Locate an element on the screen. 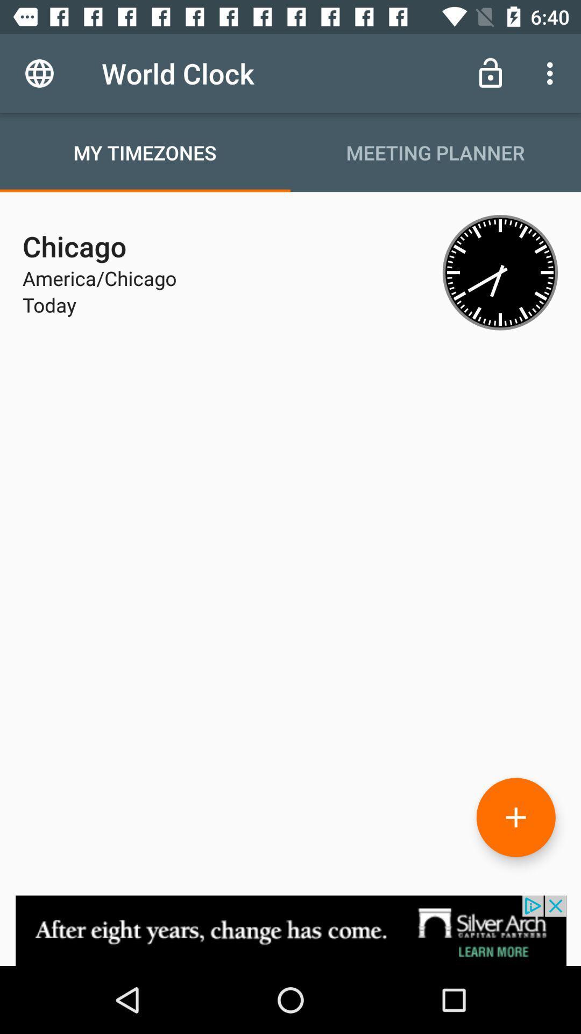  add option is located at coordinates (515, 817).